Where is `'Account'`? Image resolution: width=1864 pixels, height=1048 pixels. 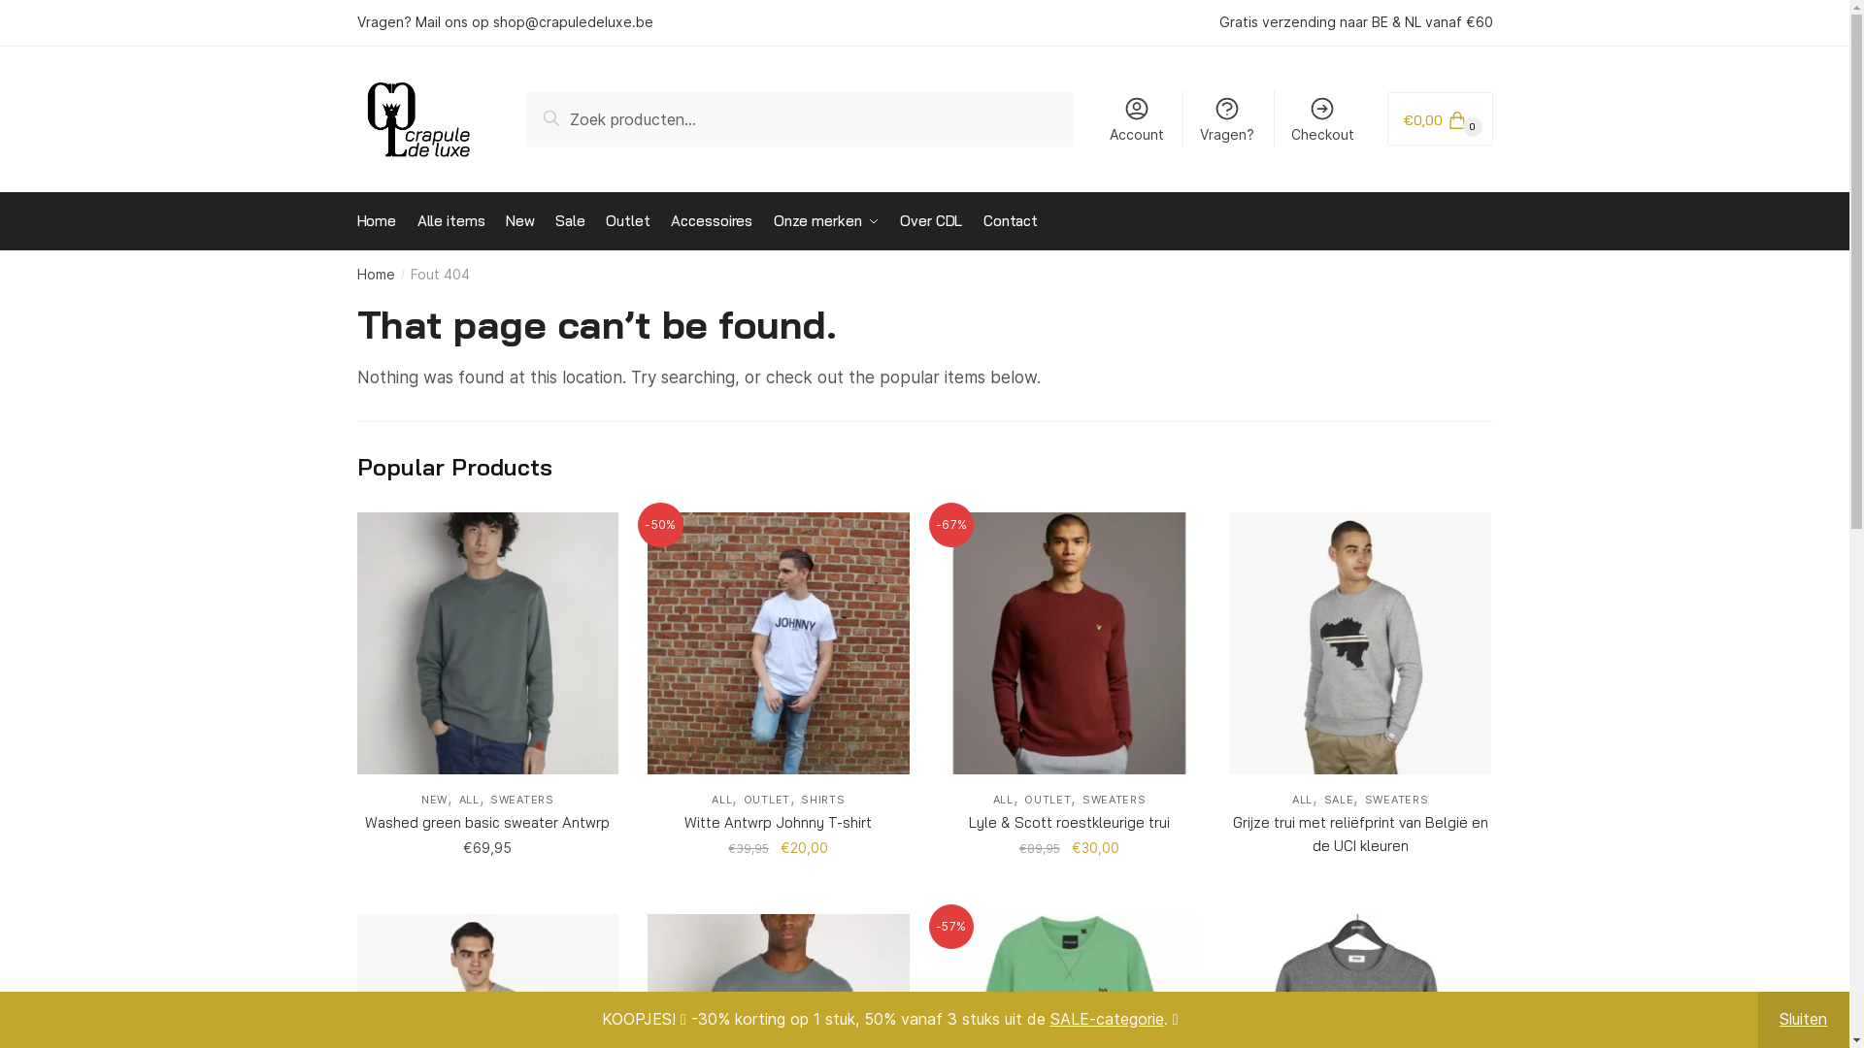
'Account' is located at coordinates (1137, 118).